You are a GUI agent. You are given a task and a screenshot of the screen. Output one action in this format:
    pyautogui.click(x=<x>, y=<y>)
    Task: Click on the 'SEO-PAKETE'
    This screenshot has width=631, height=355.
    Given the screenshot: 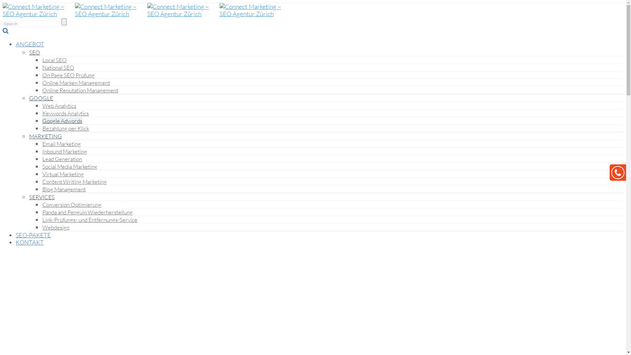 What is the action you would take?
    pyautogui.click(x=33, y=234)
    